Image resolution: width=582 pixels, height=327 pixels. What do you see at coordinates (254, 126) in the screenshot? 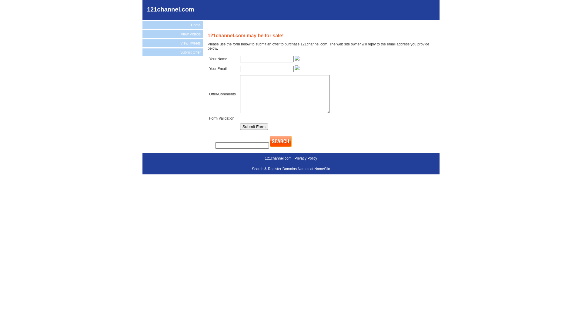
I see `'Submit Form'` at bounding box center [254, 126].